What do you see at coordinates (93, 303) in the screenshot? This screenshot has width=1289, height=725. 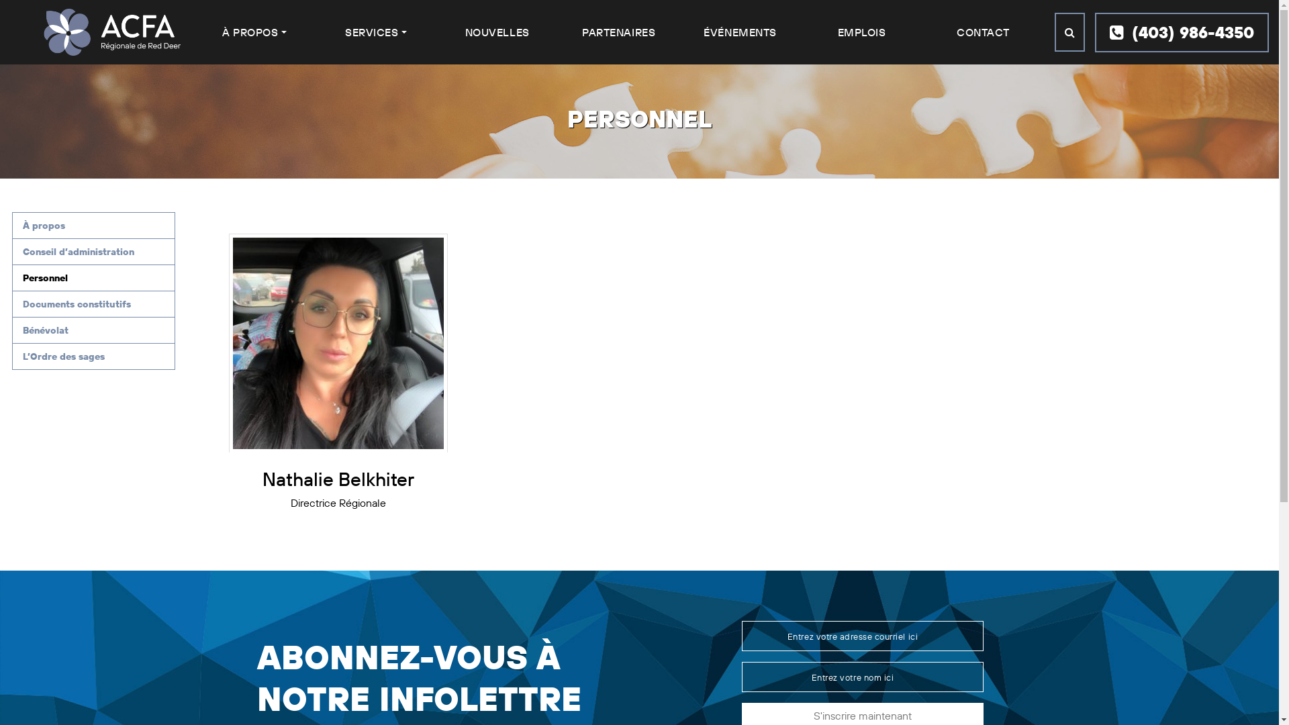 I see `'Documents constitutifs'` at bounding box center [93, 303].